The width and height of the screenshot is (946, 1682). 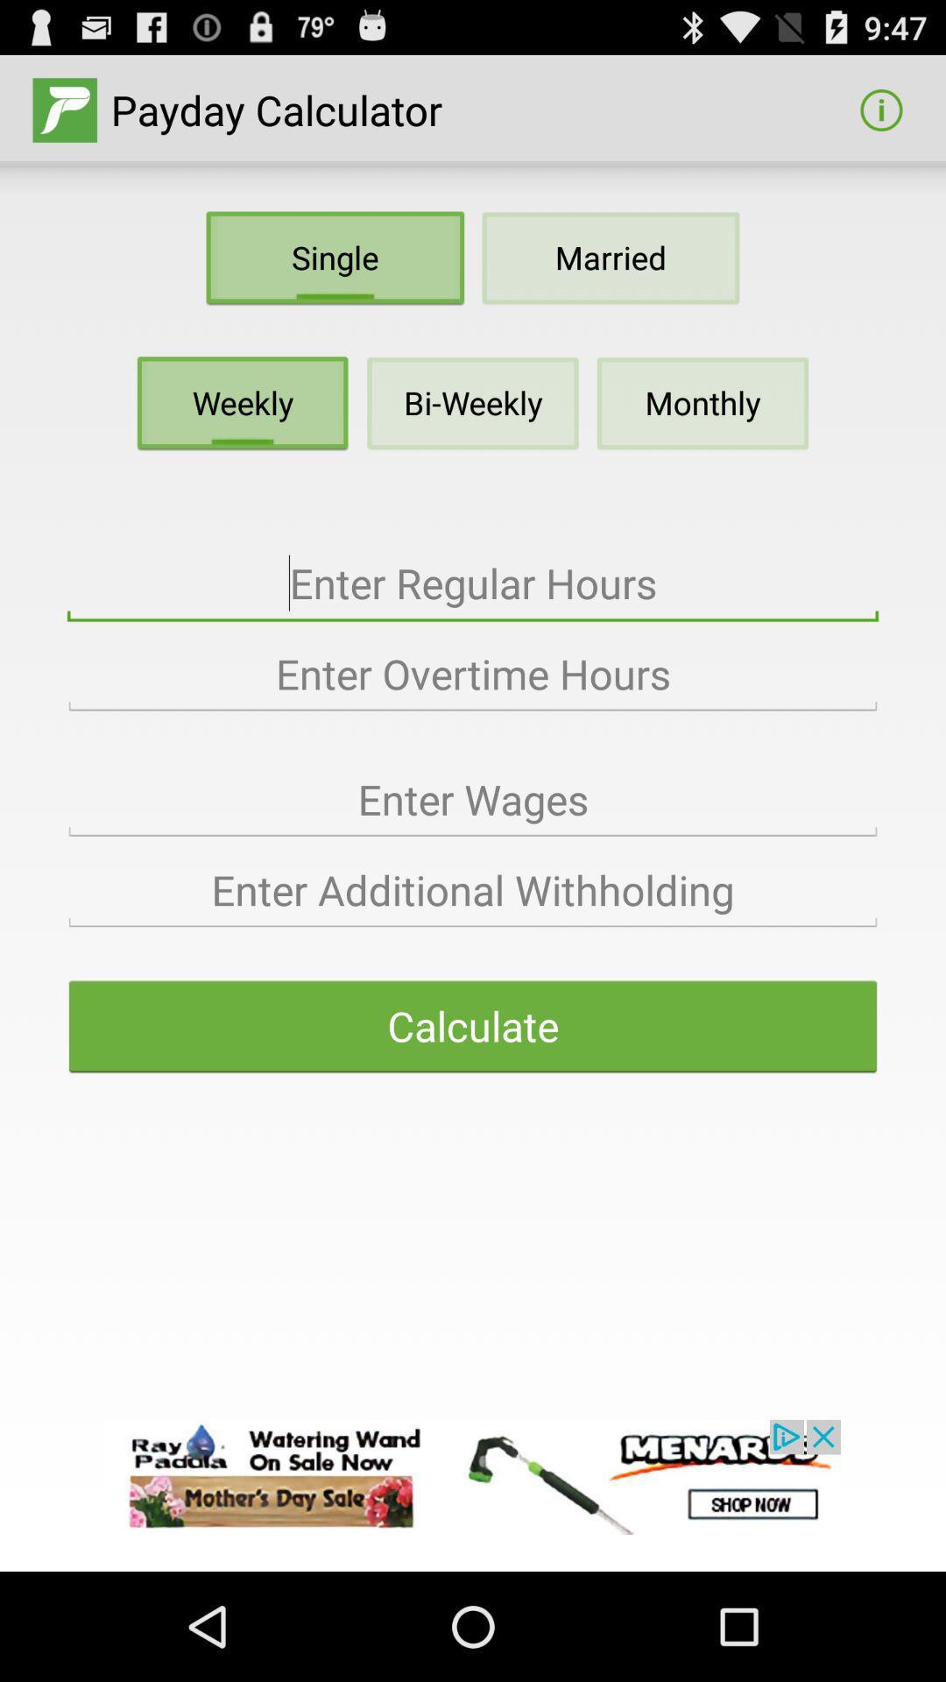 I want to click on input enter box, so click(x=473, y=799).